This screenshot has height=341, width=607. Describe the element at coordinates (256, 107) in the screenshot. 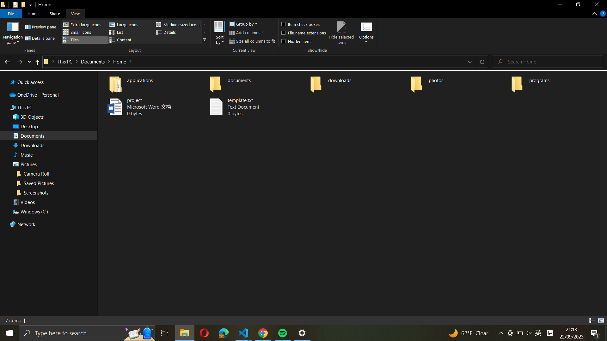

I see `Transfer the file named "template.txt" into the "documents" folder making use of only keyboard hotkeys` at that location.